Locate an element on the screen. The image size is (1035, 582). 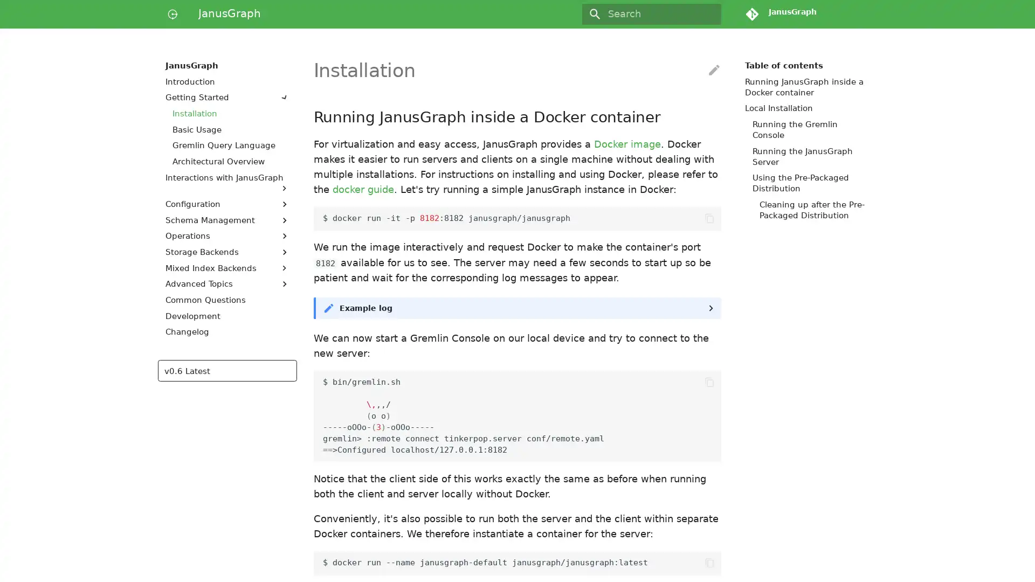
Copy to clipboard is located at coordinates (709, 218).